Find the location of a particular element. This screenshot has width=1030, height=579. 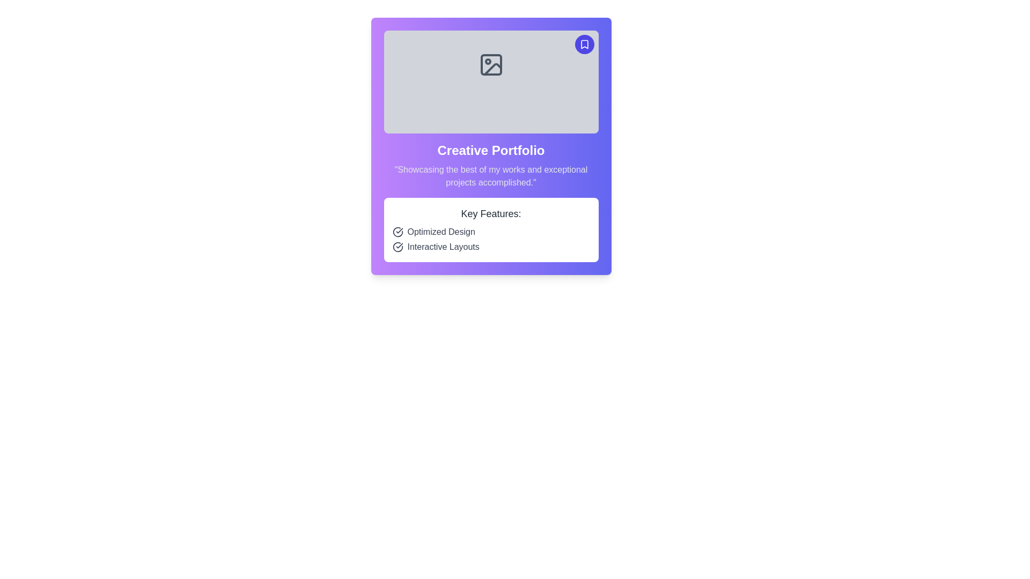

the circular checkmark icon, which has a thin outline and a cross-like check symbol, located to the left of the text 'Optimized Design' in the 'Key Features' section is located at coordinates (397, 231).